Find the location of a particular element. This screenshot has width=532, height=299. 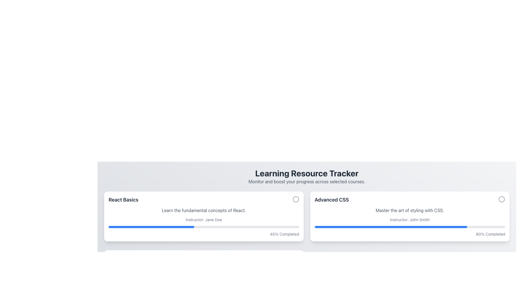

information displayed on the Course Summary Card located at the upper-left corner of the grid layout, which includes the title, description, instructor, and completion progress is located at coordinates (203, 216).